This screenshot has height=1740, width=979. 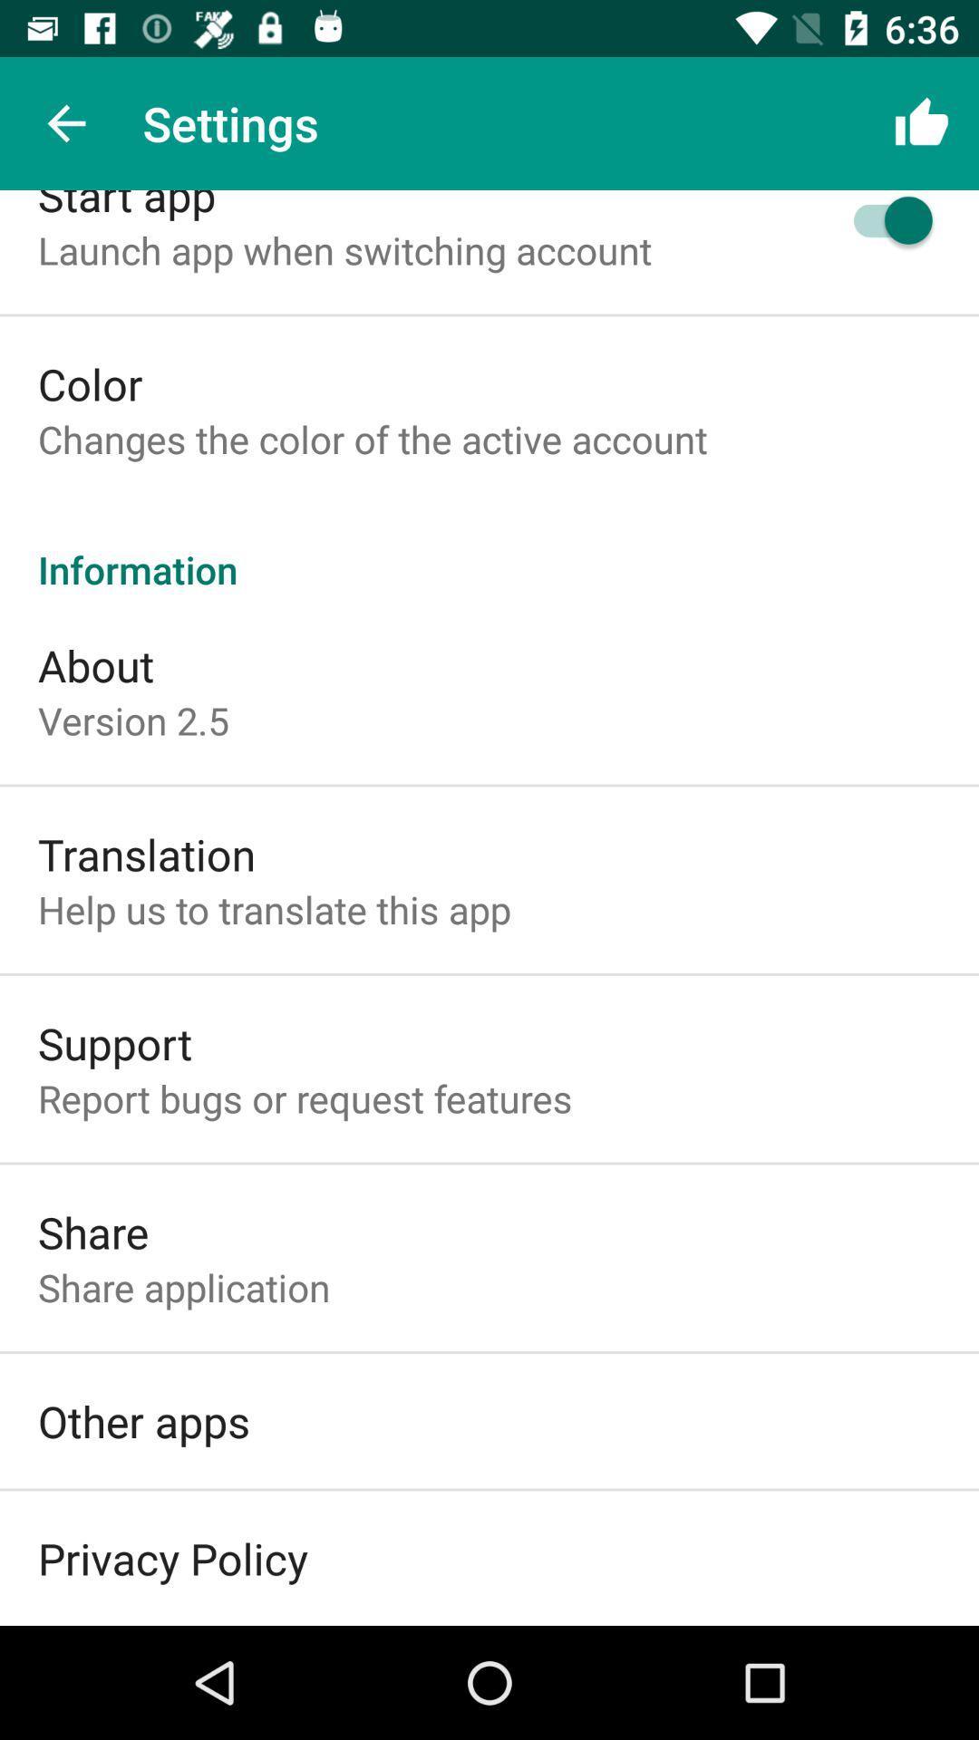 I want to click on the icon below the color icon, so click(x=372, y=439).